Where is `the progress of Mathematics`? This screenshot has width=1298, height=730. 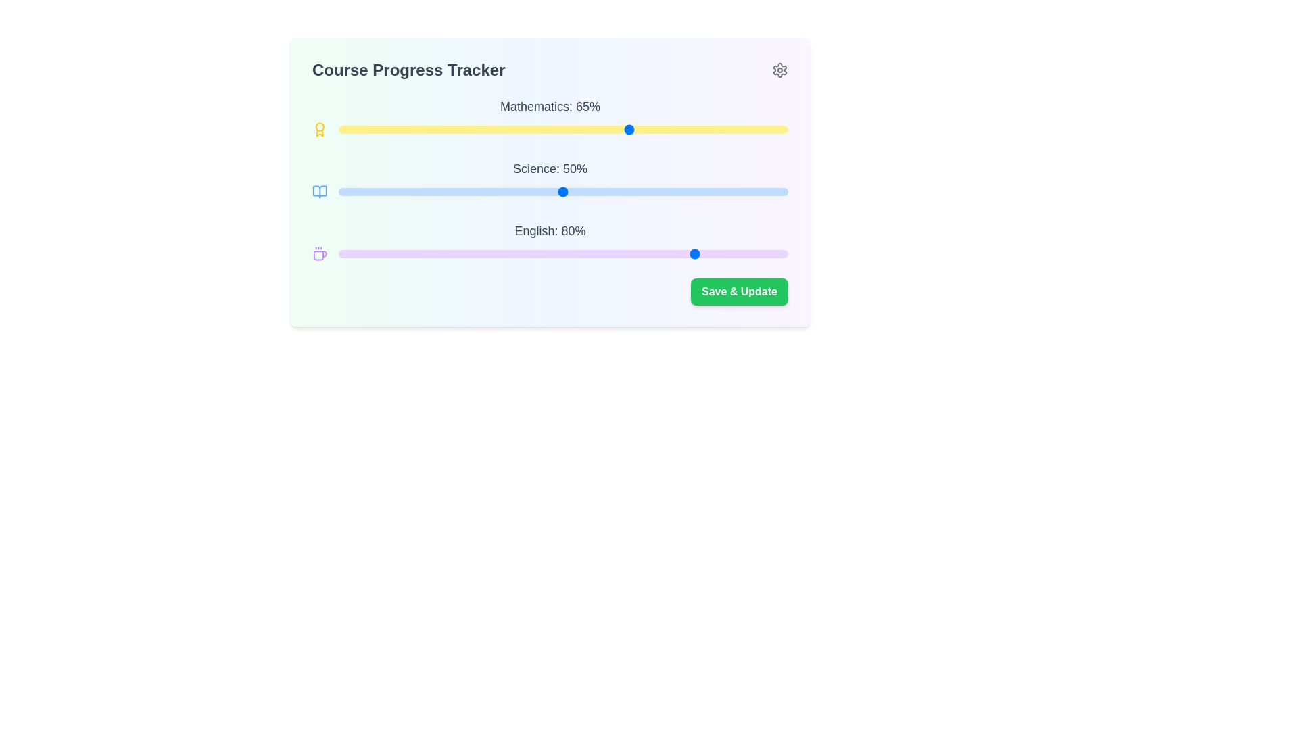 the progress of Mathematics is located at coordinates (751, 130).